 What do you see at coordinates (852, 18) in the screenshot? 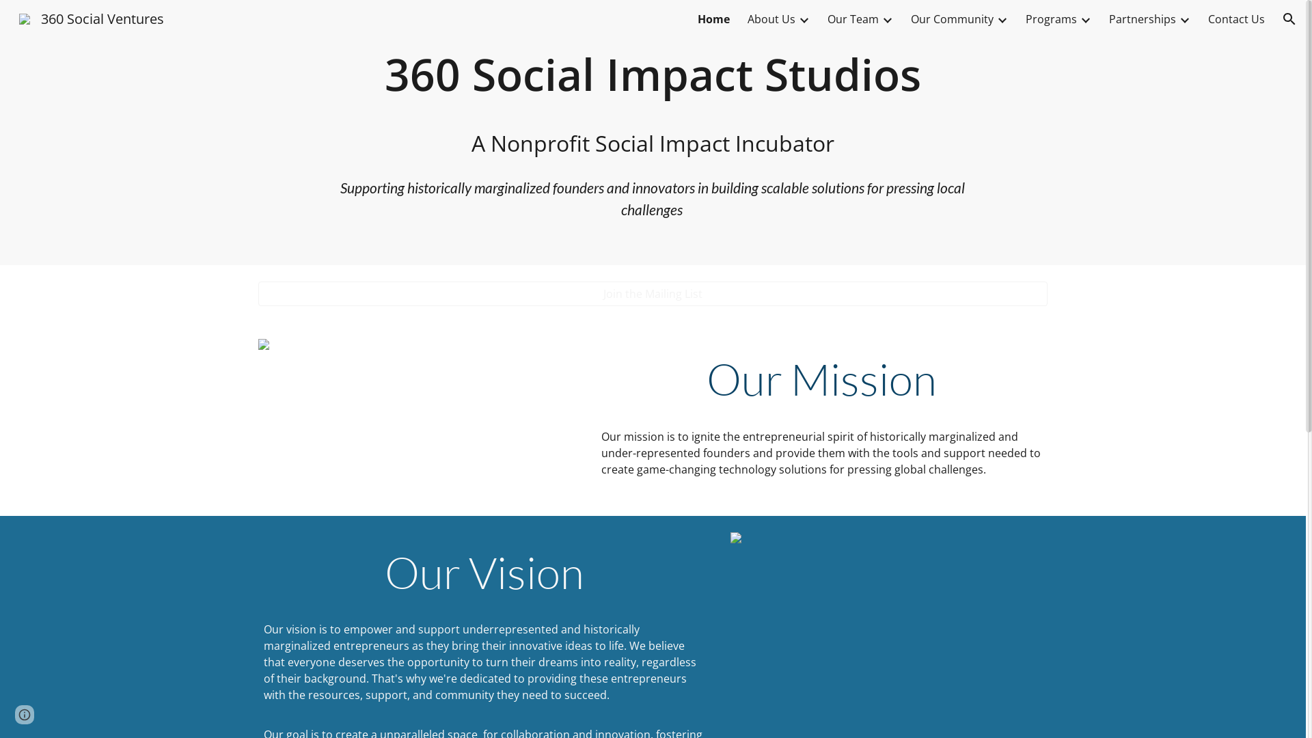
I see `'Our Team'` at bounding box center [852, 18].